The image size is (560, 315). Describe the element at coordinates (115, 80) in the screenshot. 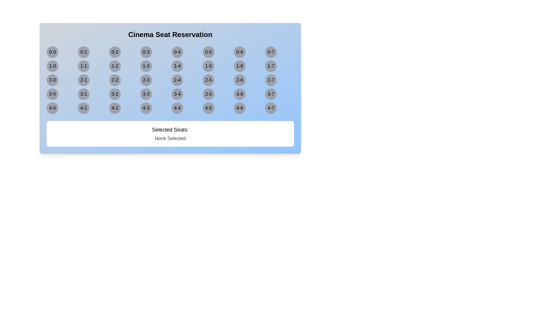

I see `the circular button labeled '2-2' with a light gray background` at that location.